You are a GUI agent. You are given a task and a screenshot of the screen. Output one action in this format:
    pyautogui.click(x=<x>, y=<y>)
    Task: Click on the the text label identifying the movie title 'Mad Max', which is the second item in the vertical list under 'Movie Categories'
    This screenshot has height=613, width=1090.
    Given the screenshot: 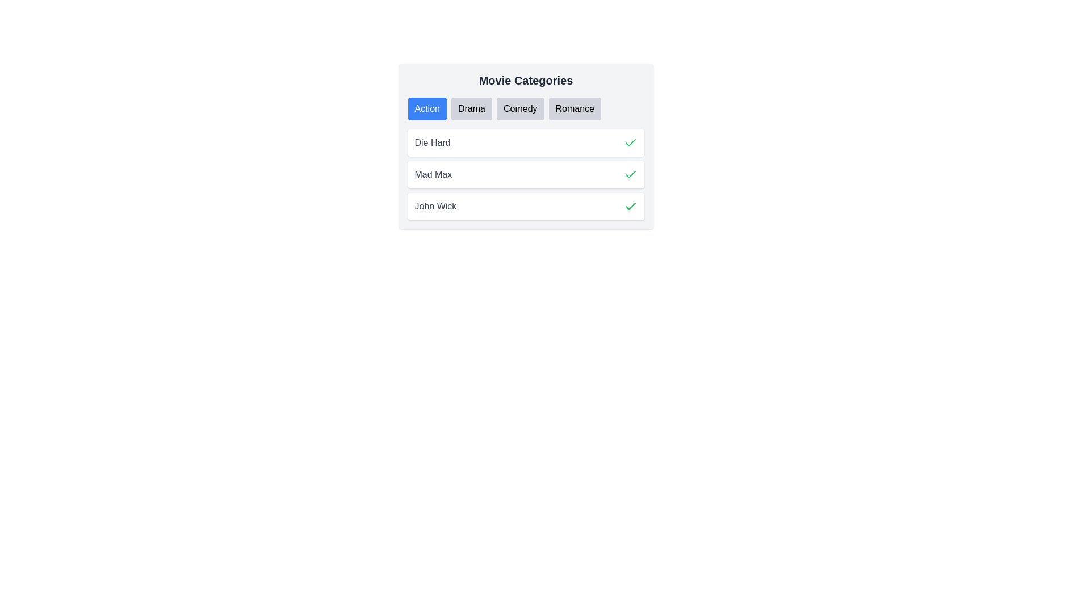 What is the action you would take?
    pyautogui.click(x=433, y=175)
    